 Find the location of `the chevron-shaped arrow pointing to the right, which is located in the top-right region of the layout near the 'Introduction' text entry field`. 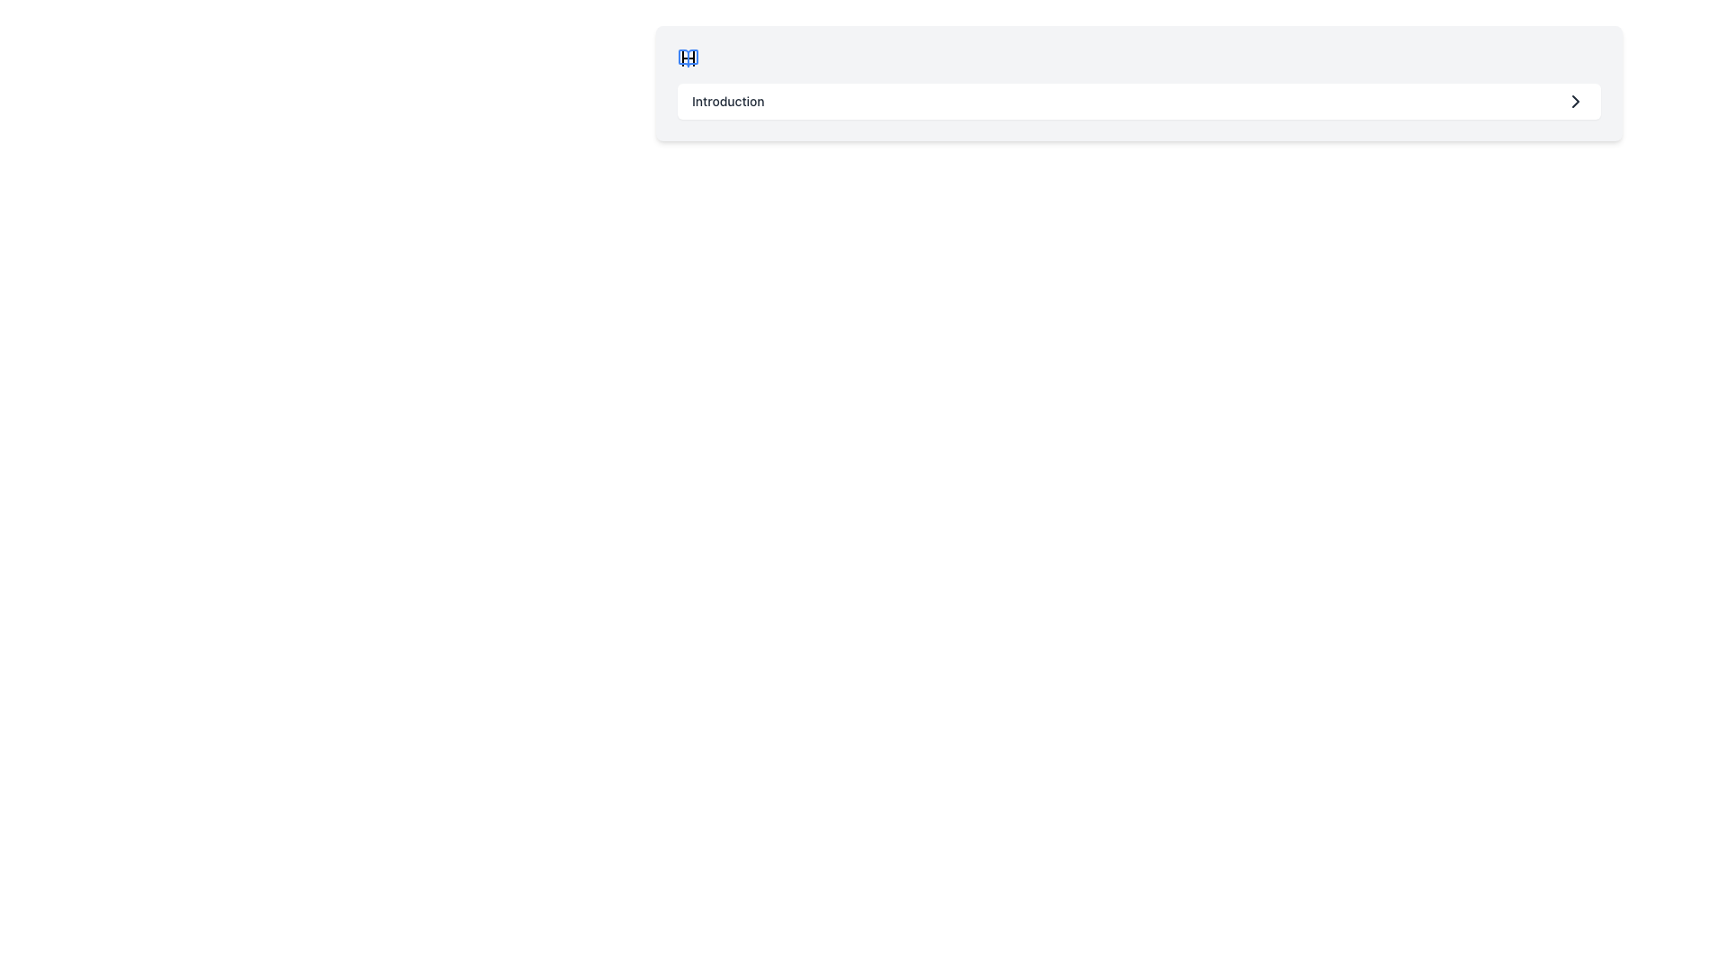

the chevron-shaped arrow pointing to the right, which is located in the top-right region of the layout near the 'Introduction' text entry field is located at coordinates (1575, 101).